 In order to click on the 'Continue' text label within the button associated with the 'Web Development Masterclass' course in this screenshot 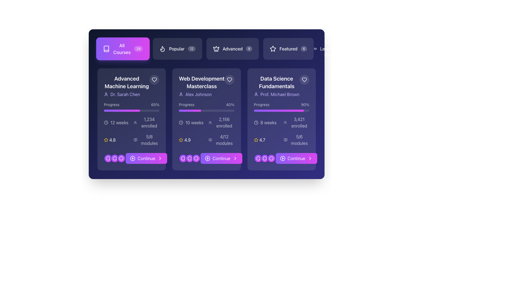, I will do `click(221, 158)`.